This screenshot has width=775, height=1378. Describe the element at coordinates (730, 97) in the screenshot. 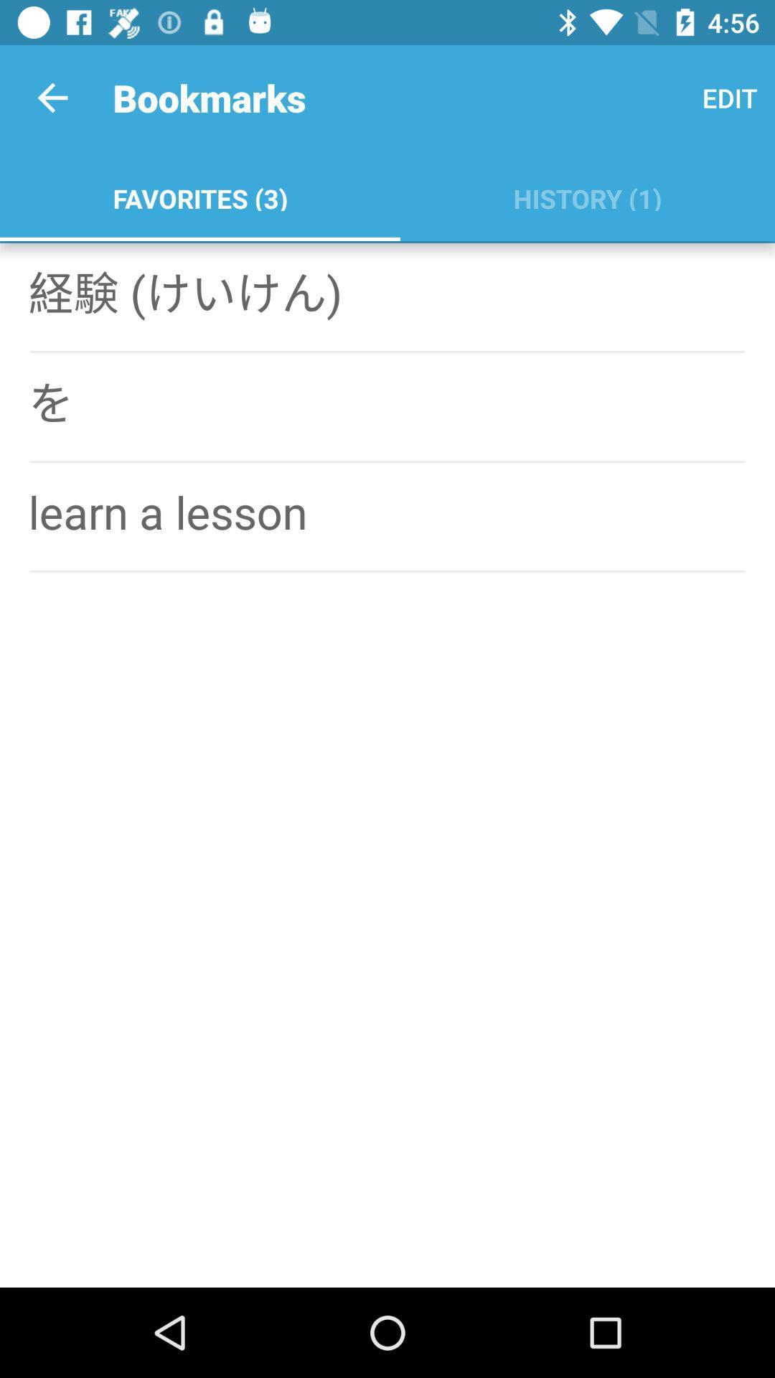

I see `app above the history (1) icon` at that location.